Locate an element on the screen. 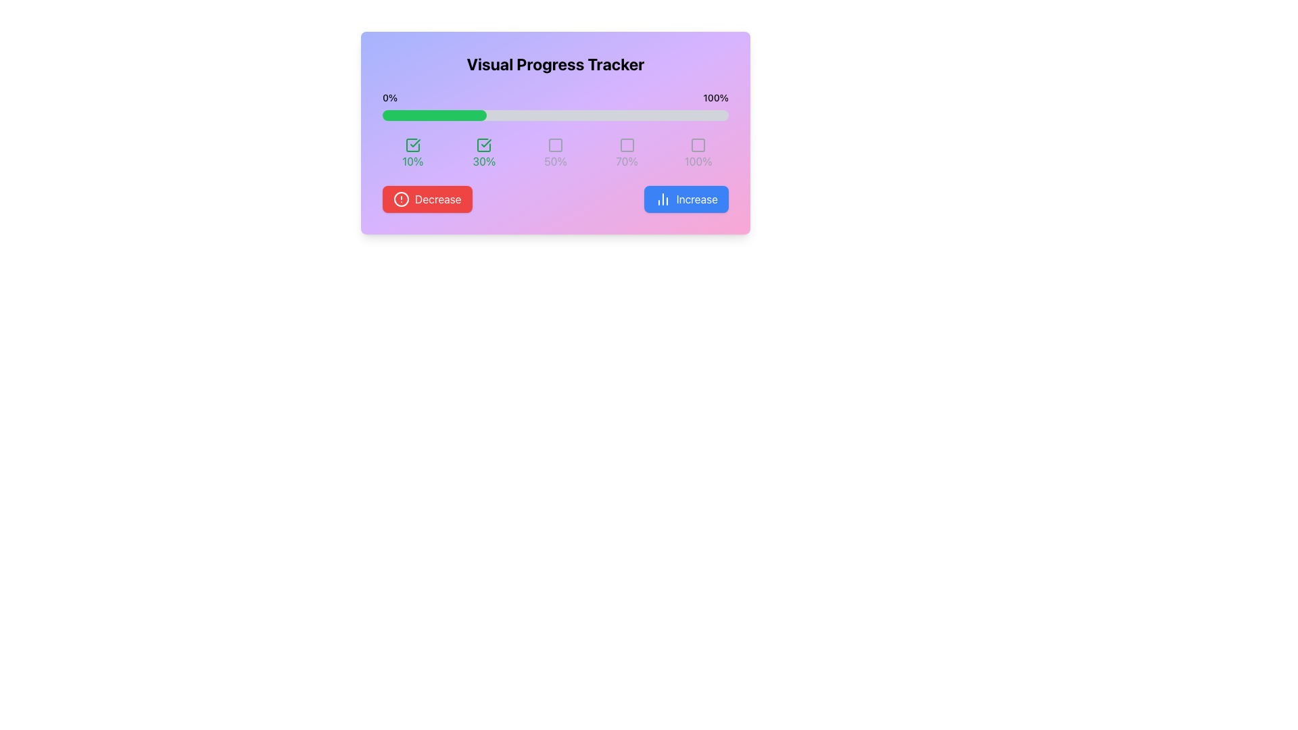 This screenshot has height=730, width=1298. the current progress state by interacting with the Progress Tracker Component located centrally in the interface is located at coordinates (555, 132).